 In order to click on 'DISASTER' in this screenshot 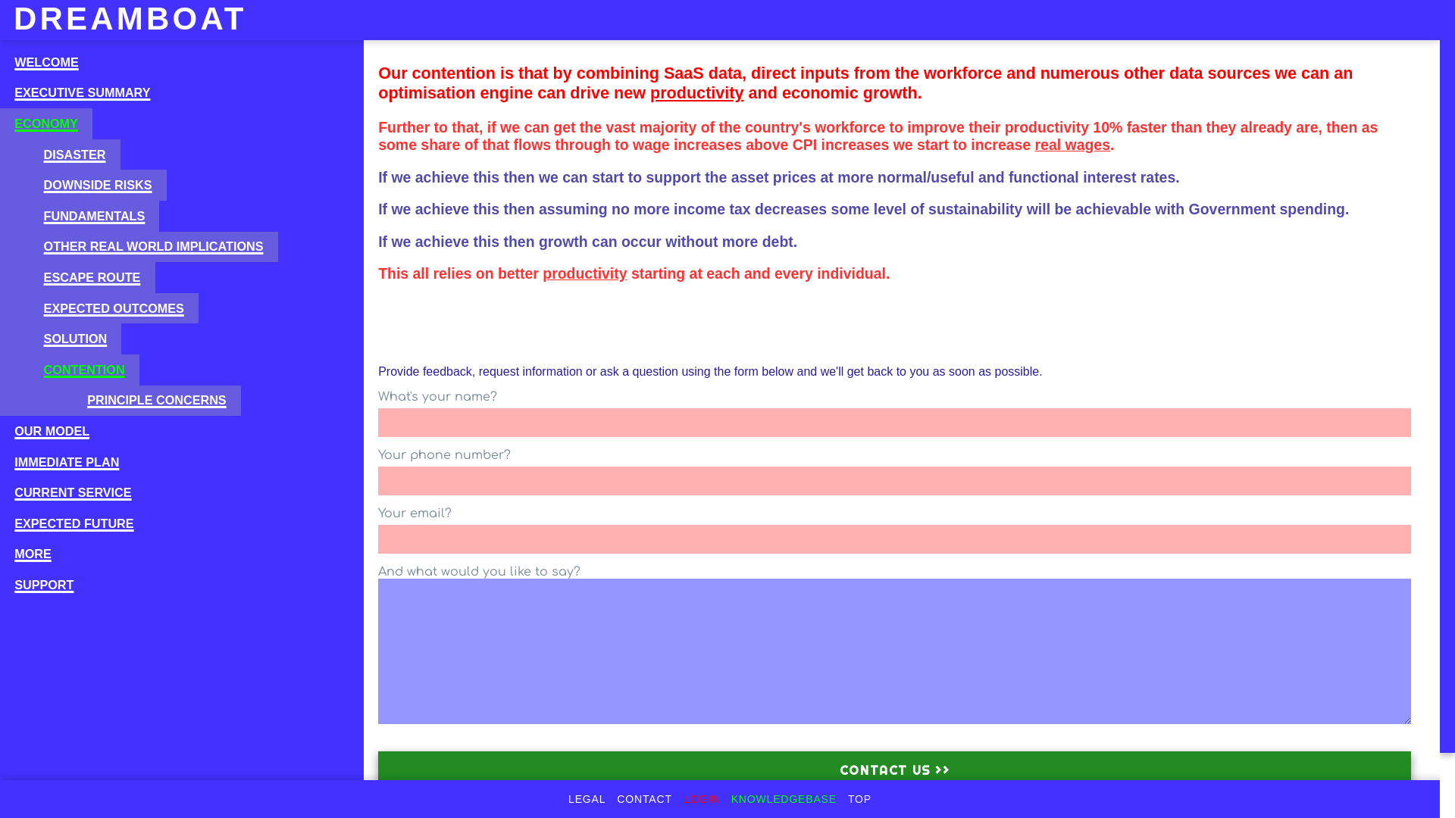, I will do `click(60, 155)`.